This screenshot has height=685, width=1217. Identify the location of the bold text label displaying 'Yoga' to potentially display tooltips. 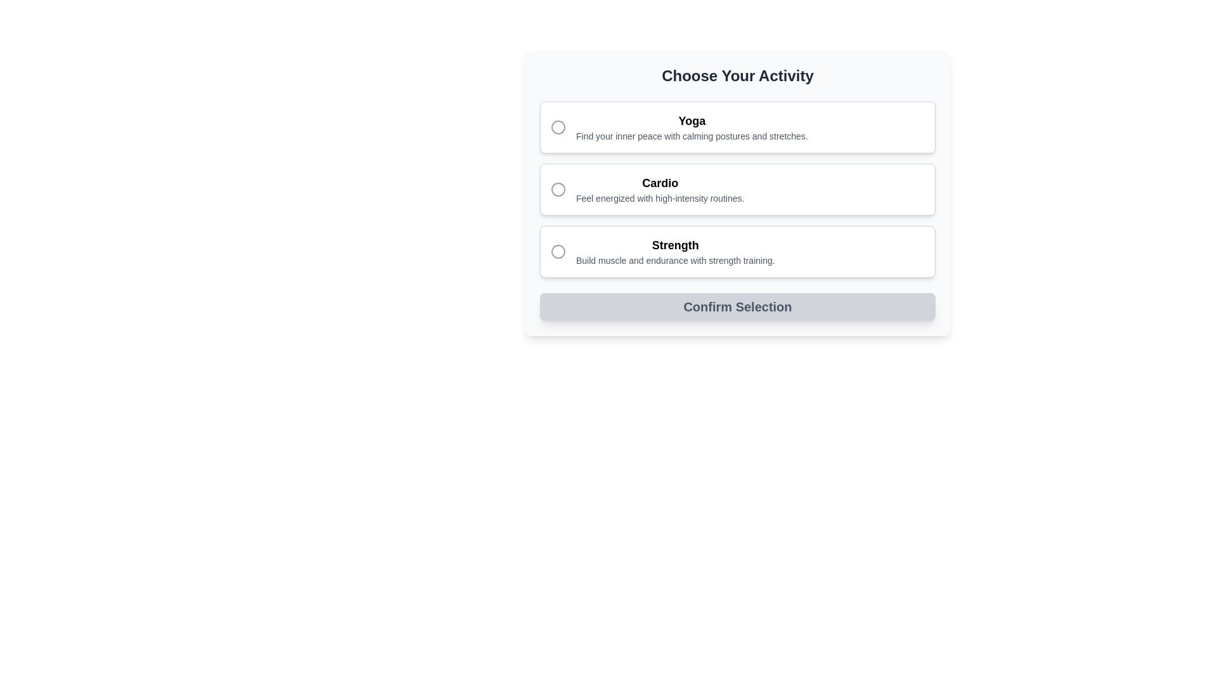
(691, 121).